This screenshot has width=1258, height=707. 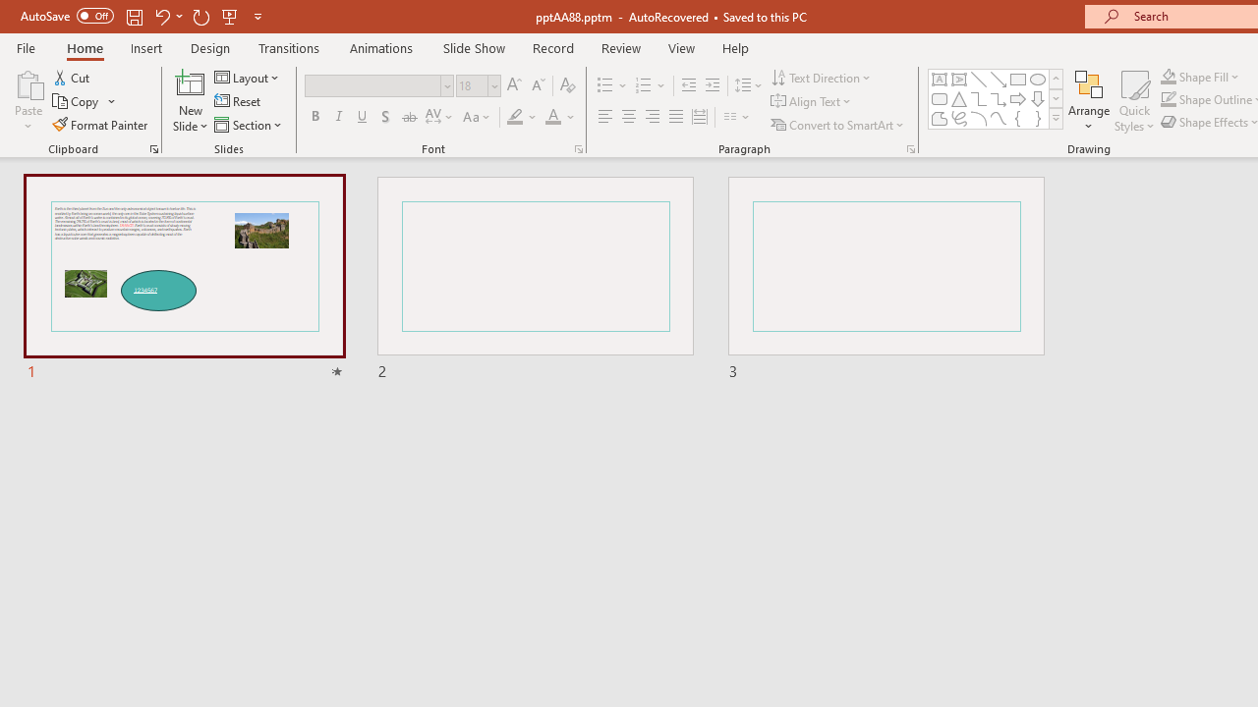 What do you see at coordinates (999, 118) in the screenshot?
I see `'Curve'` at bounding box center [999, 118].